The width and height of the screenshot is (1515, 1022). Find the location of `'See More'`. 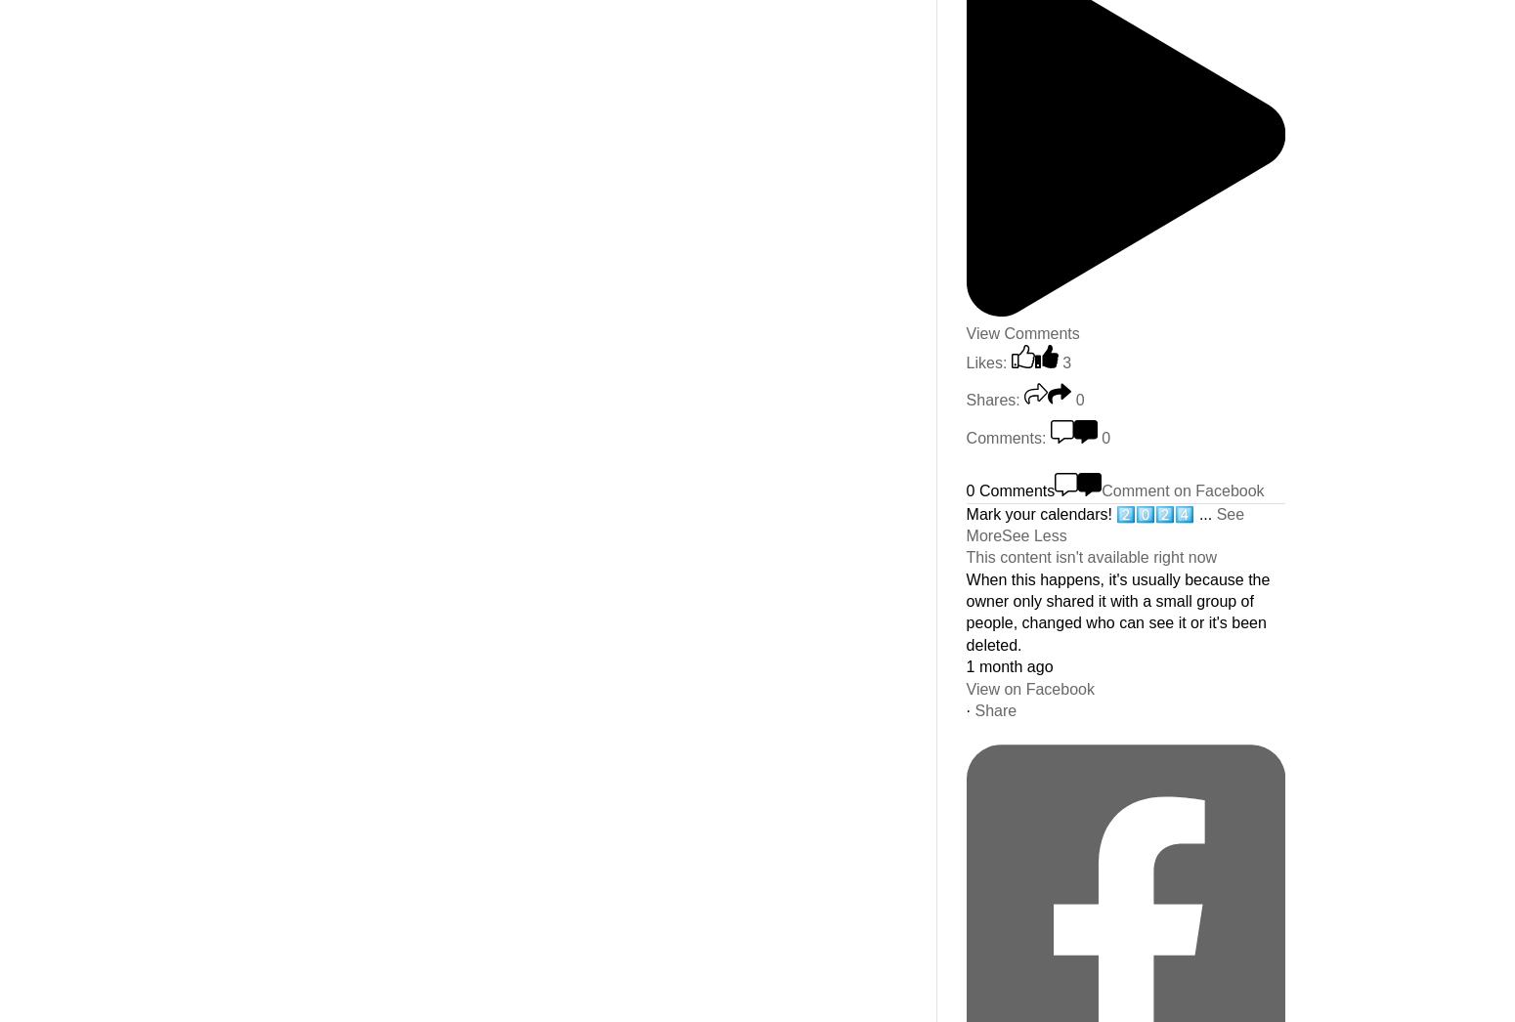

'See More' is located at coordinates (964, 523).